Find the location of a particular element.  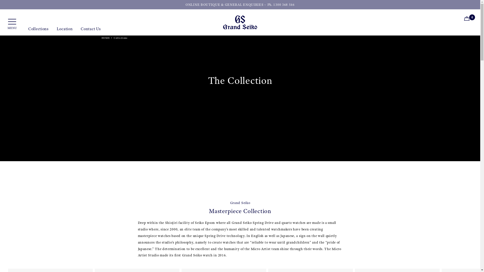

'0' is located at coordinates (468, 19).